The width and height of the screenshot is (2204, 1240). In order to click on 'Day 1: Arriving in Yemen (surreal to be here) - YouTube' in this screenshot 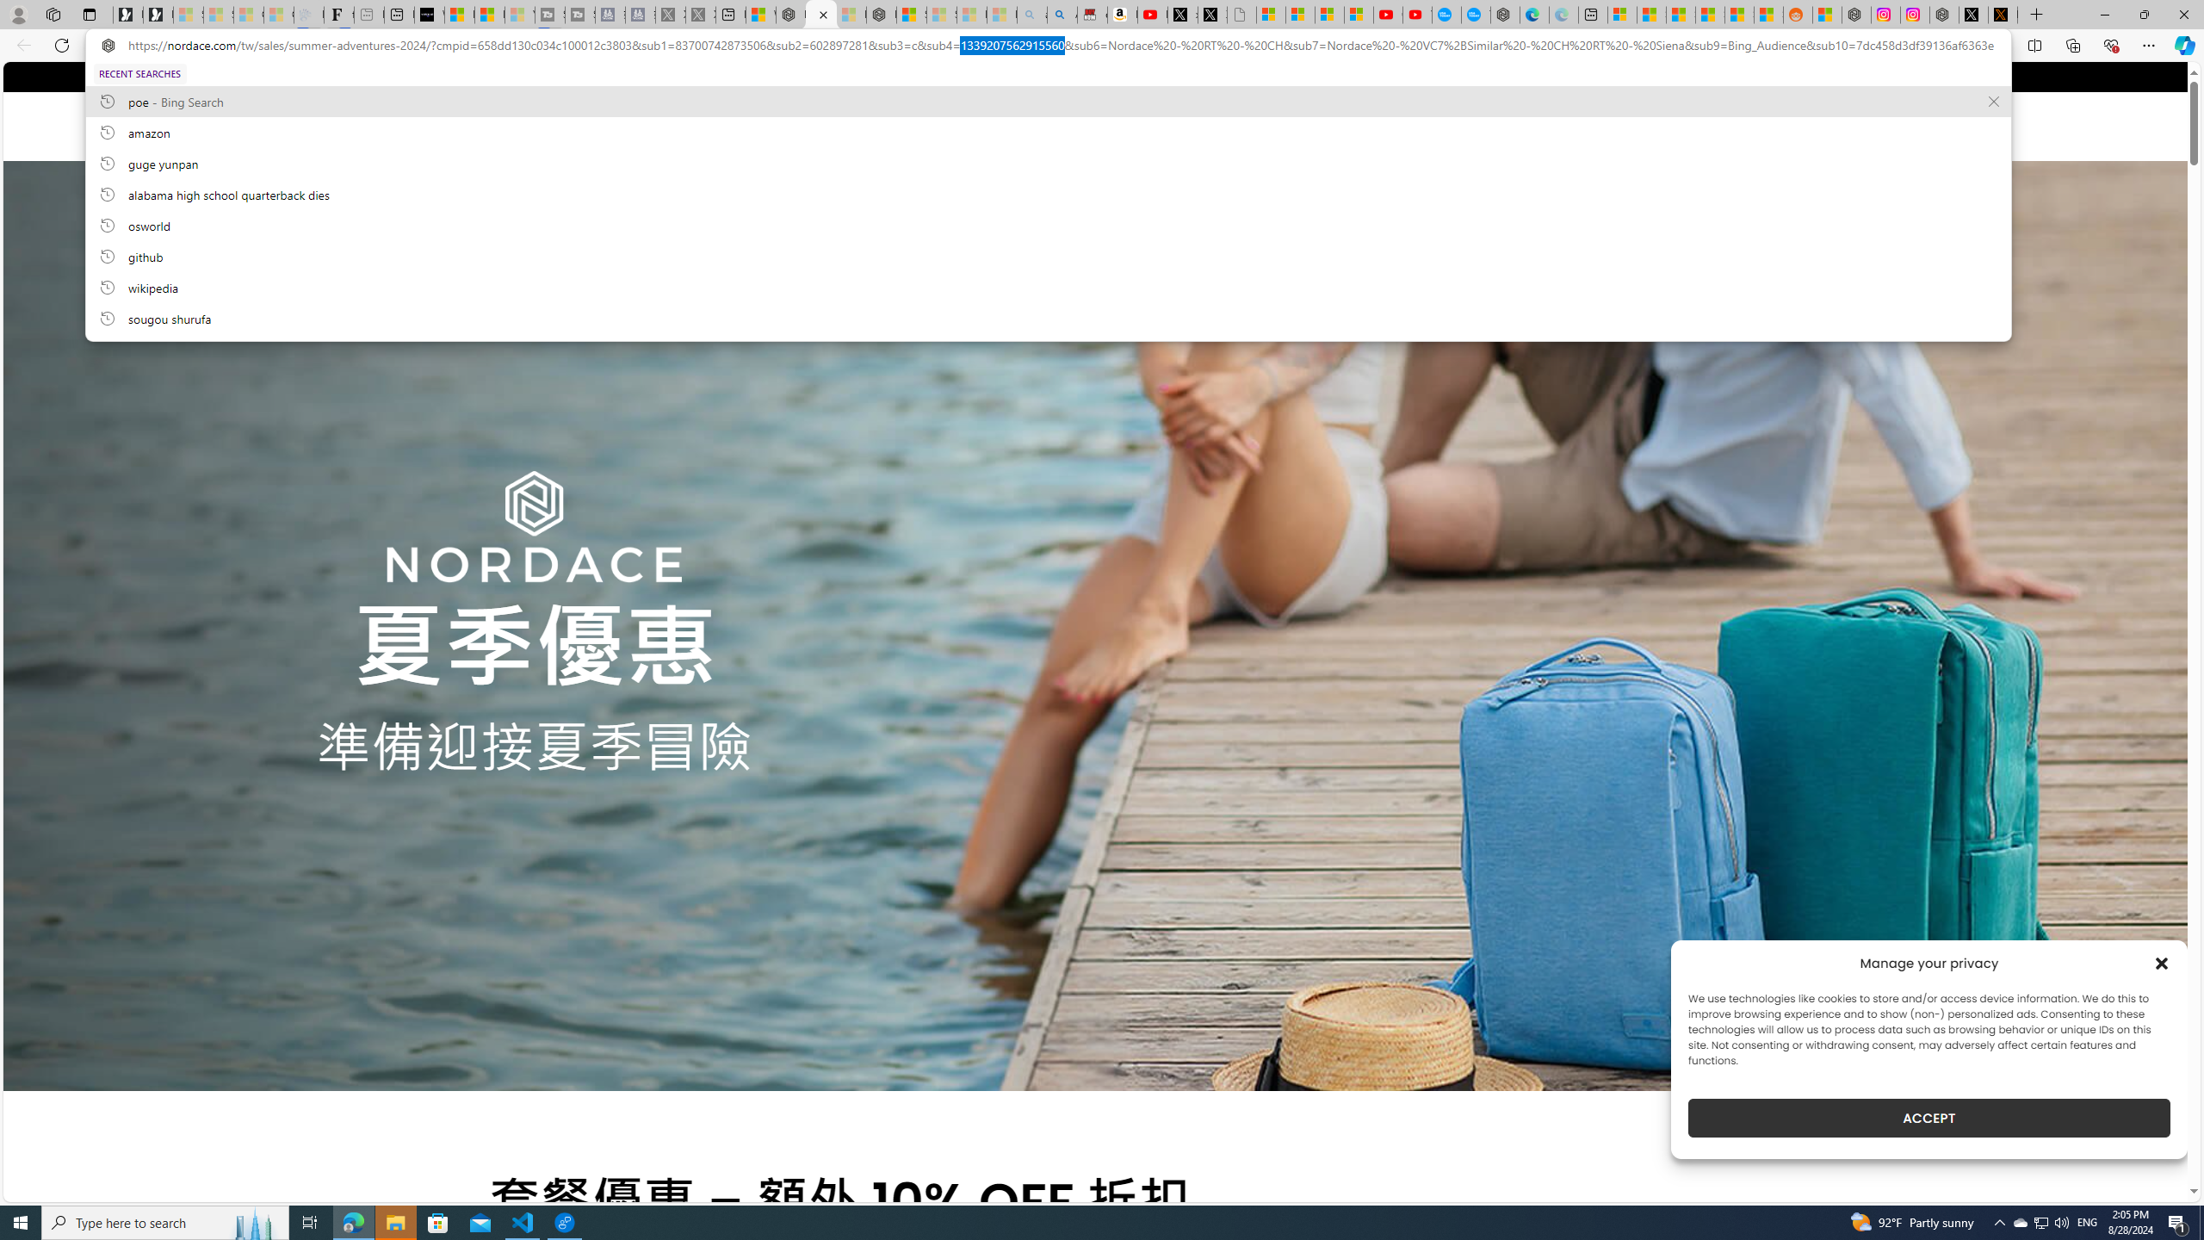, I will do `click(1151, 14)`.